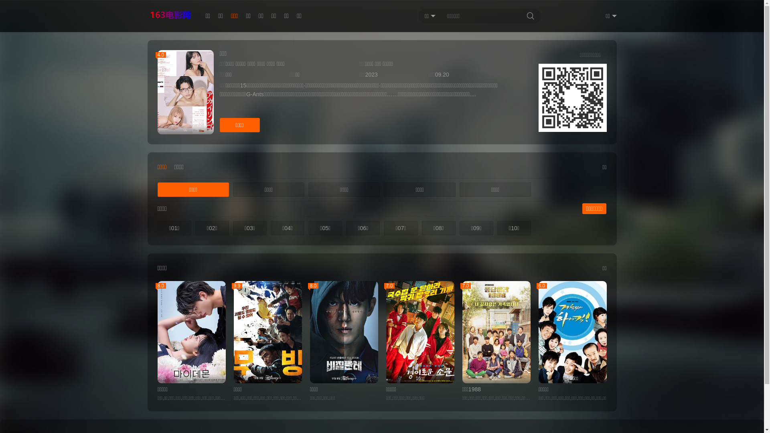 The height and width of the screenshot is (433, 770). Describe the element at coordinates (365, 74) in the screenshot. I see `'2023'` at that location.